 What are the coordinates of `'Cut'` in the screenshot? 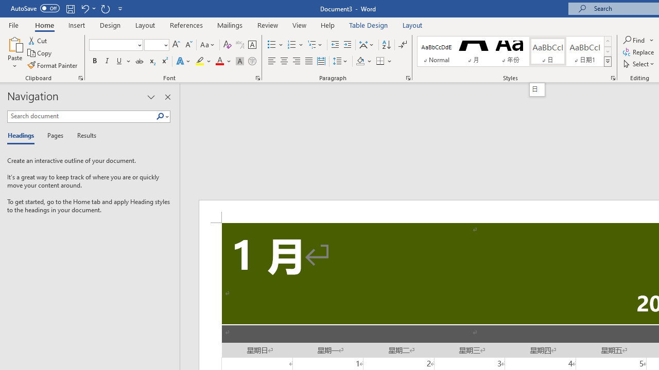 It's located at (38, 40).